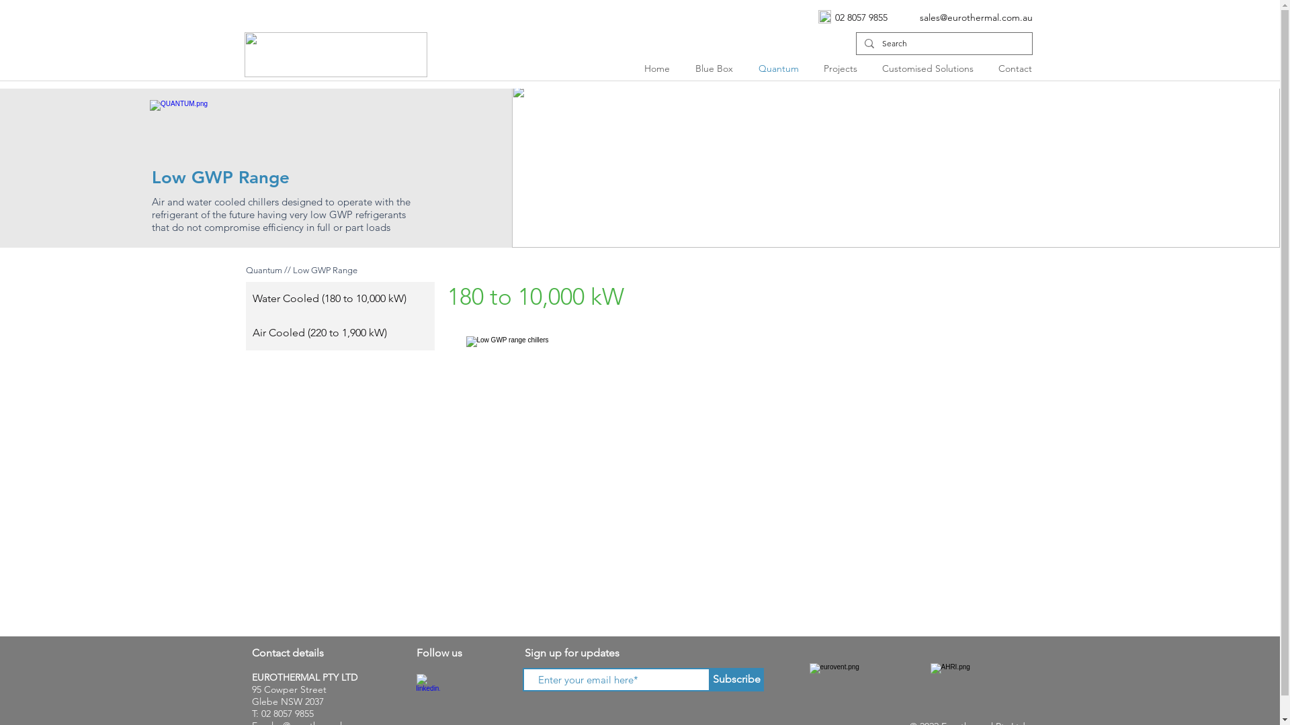  What do you see at coordinates (929, 68) in the screenshot?
I see `'Customised Solutions'` at bounding box center [929, 68].